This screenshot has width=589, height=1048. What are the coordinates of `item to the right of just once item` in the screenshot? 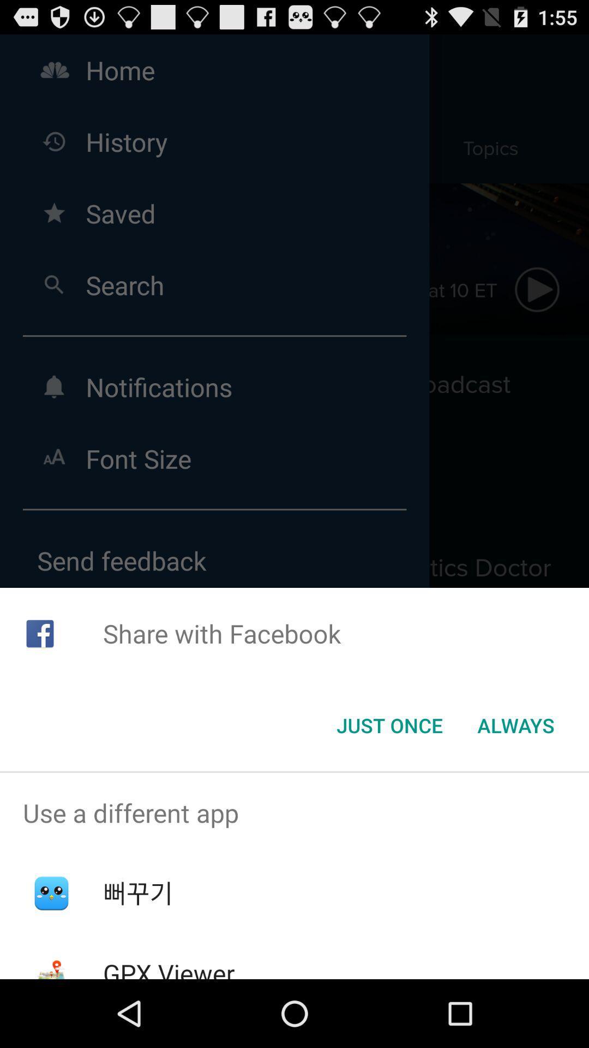 It's located at (515, 725).